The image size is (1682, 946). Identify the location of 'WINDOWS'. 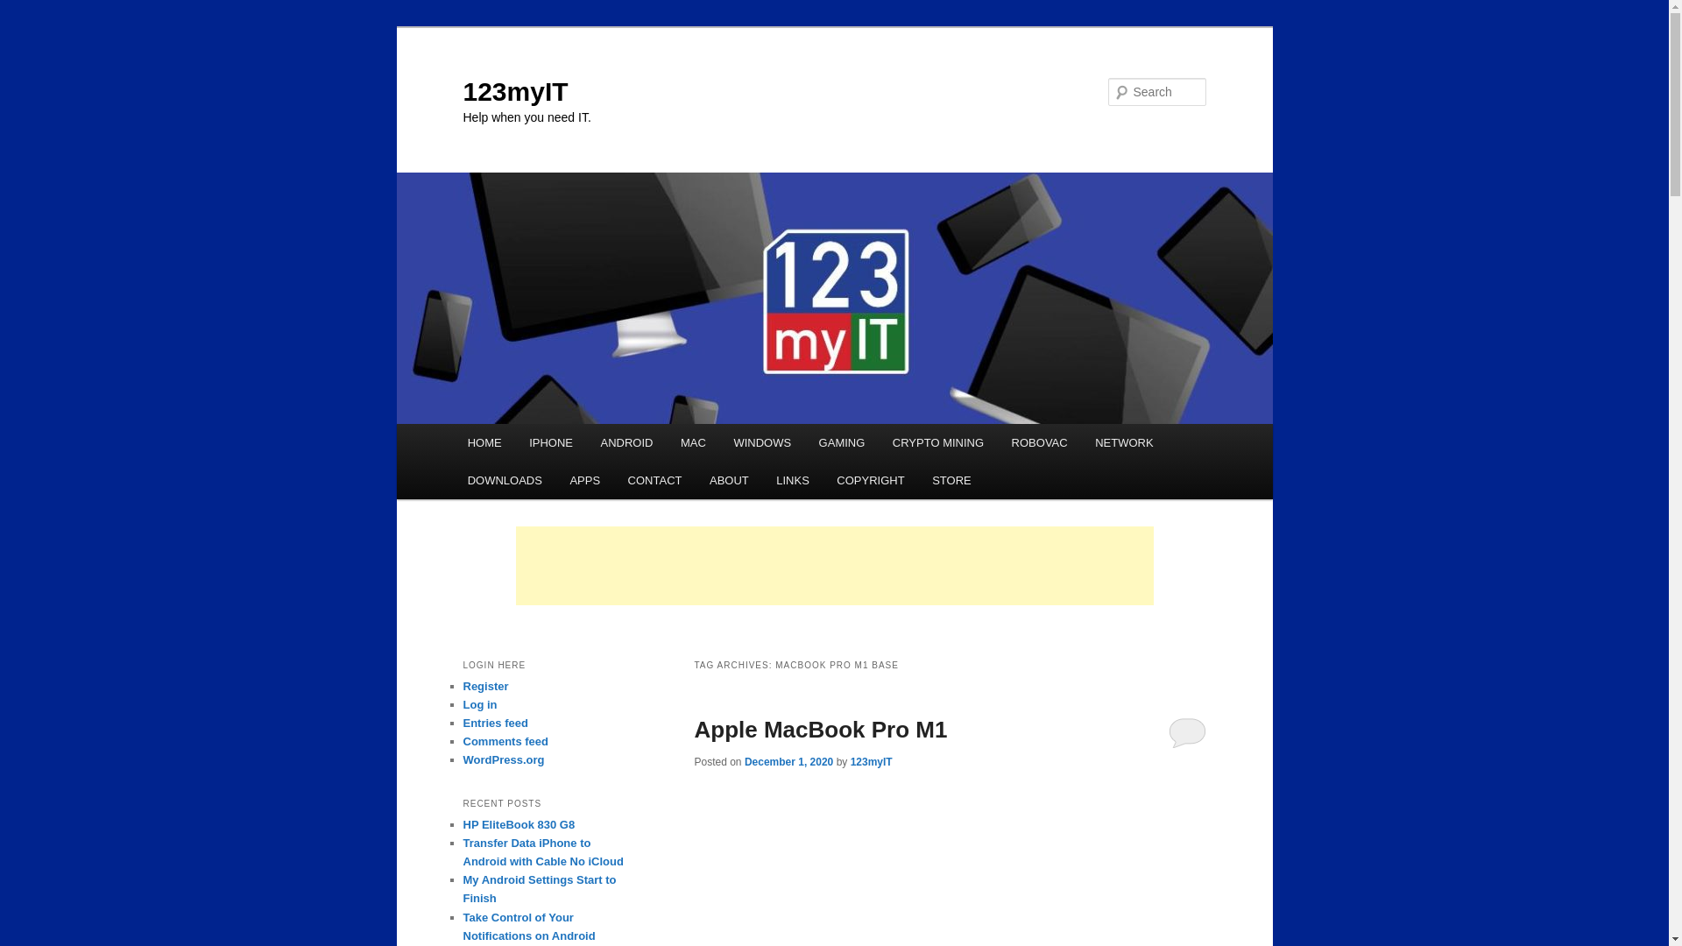
(762, 441).